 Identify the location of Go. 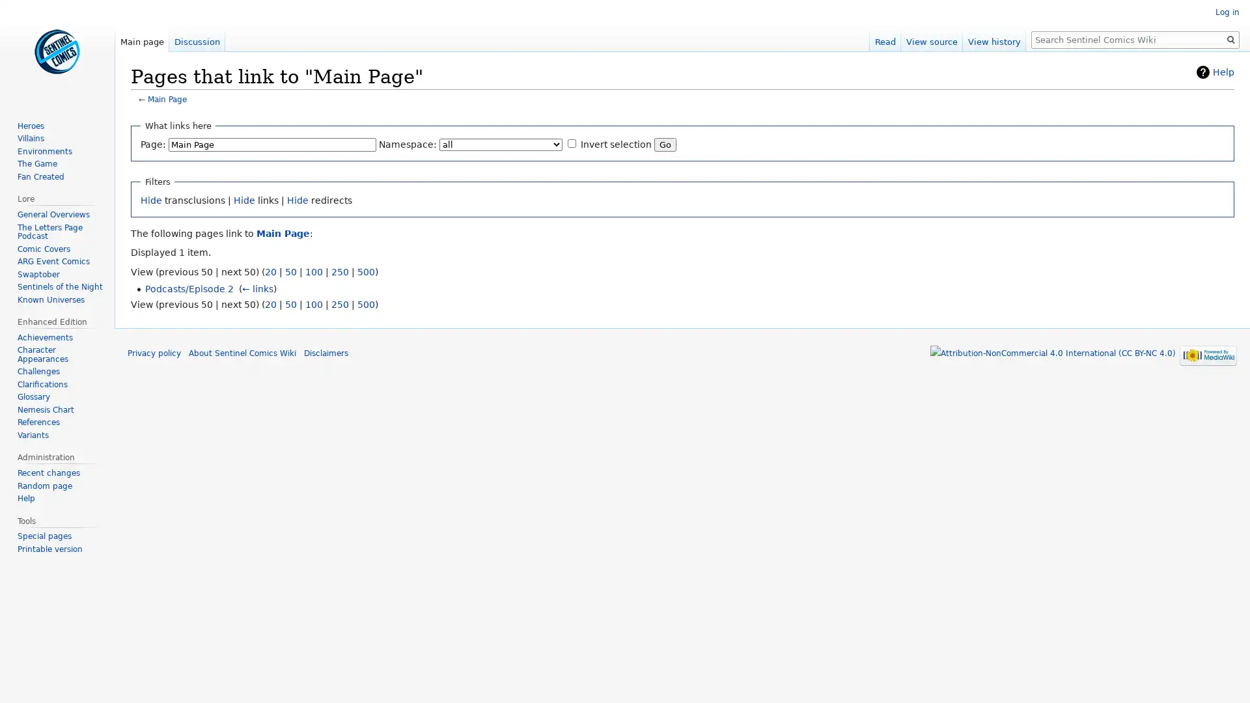
(665, 144).